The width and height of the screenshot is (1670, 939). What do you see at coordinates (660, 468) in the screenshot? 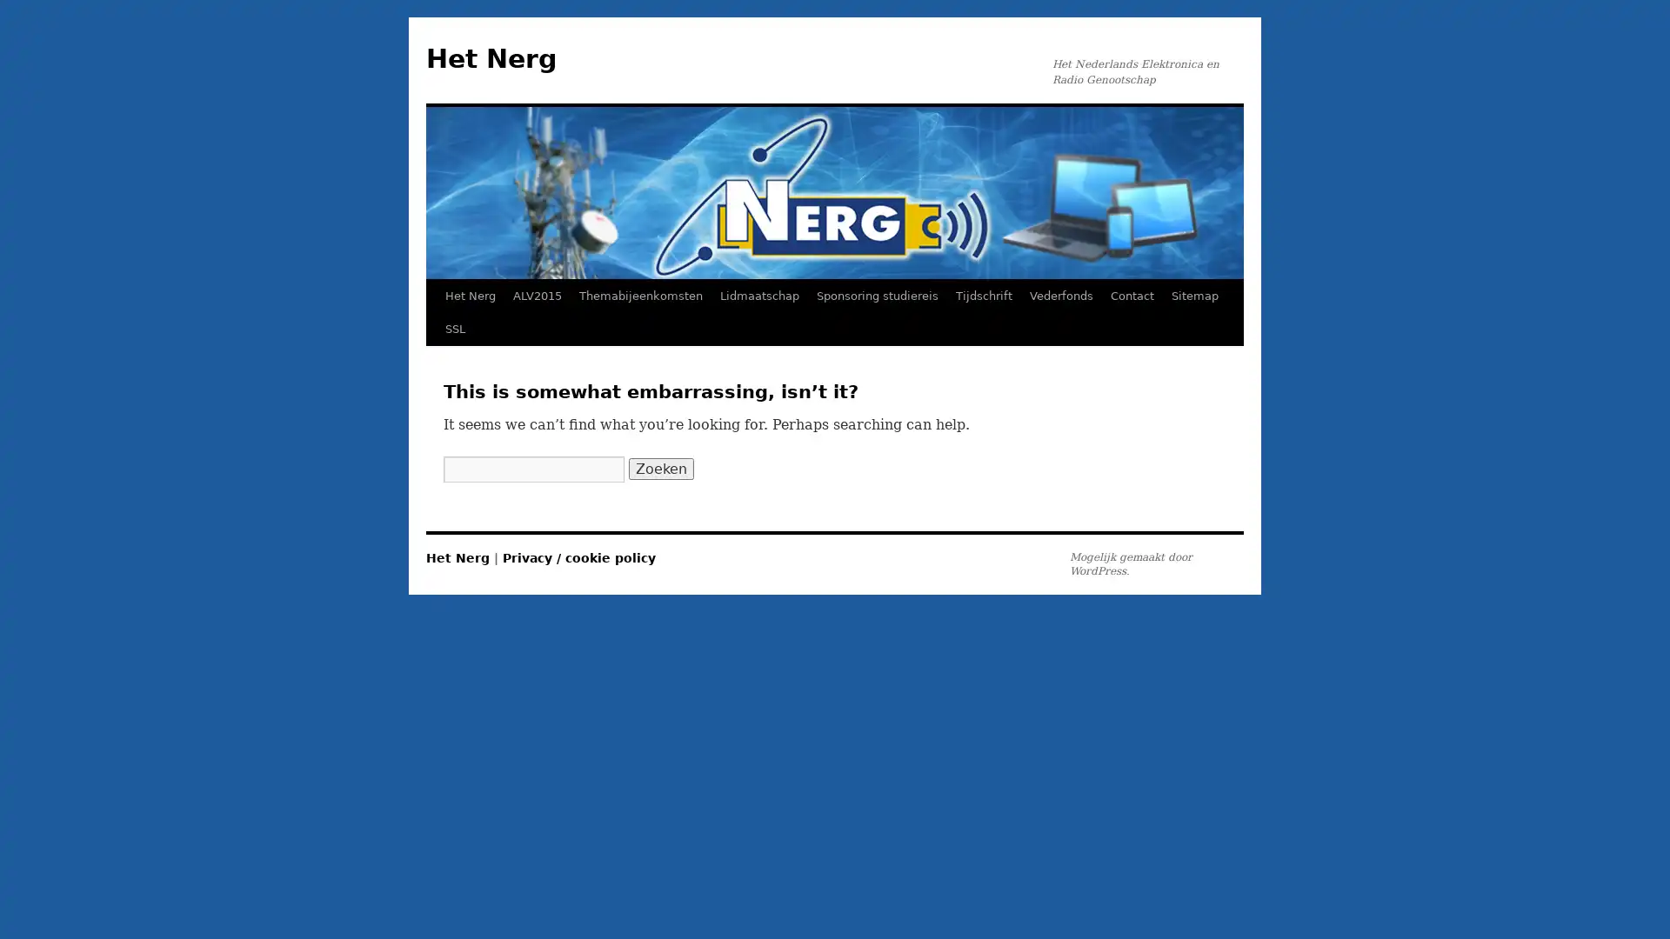
I see `Zoeken` at bounding box center [660, 468].